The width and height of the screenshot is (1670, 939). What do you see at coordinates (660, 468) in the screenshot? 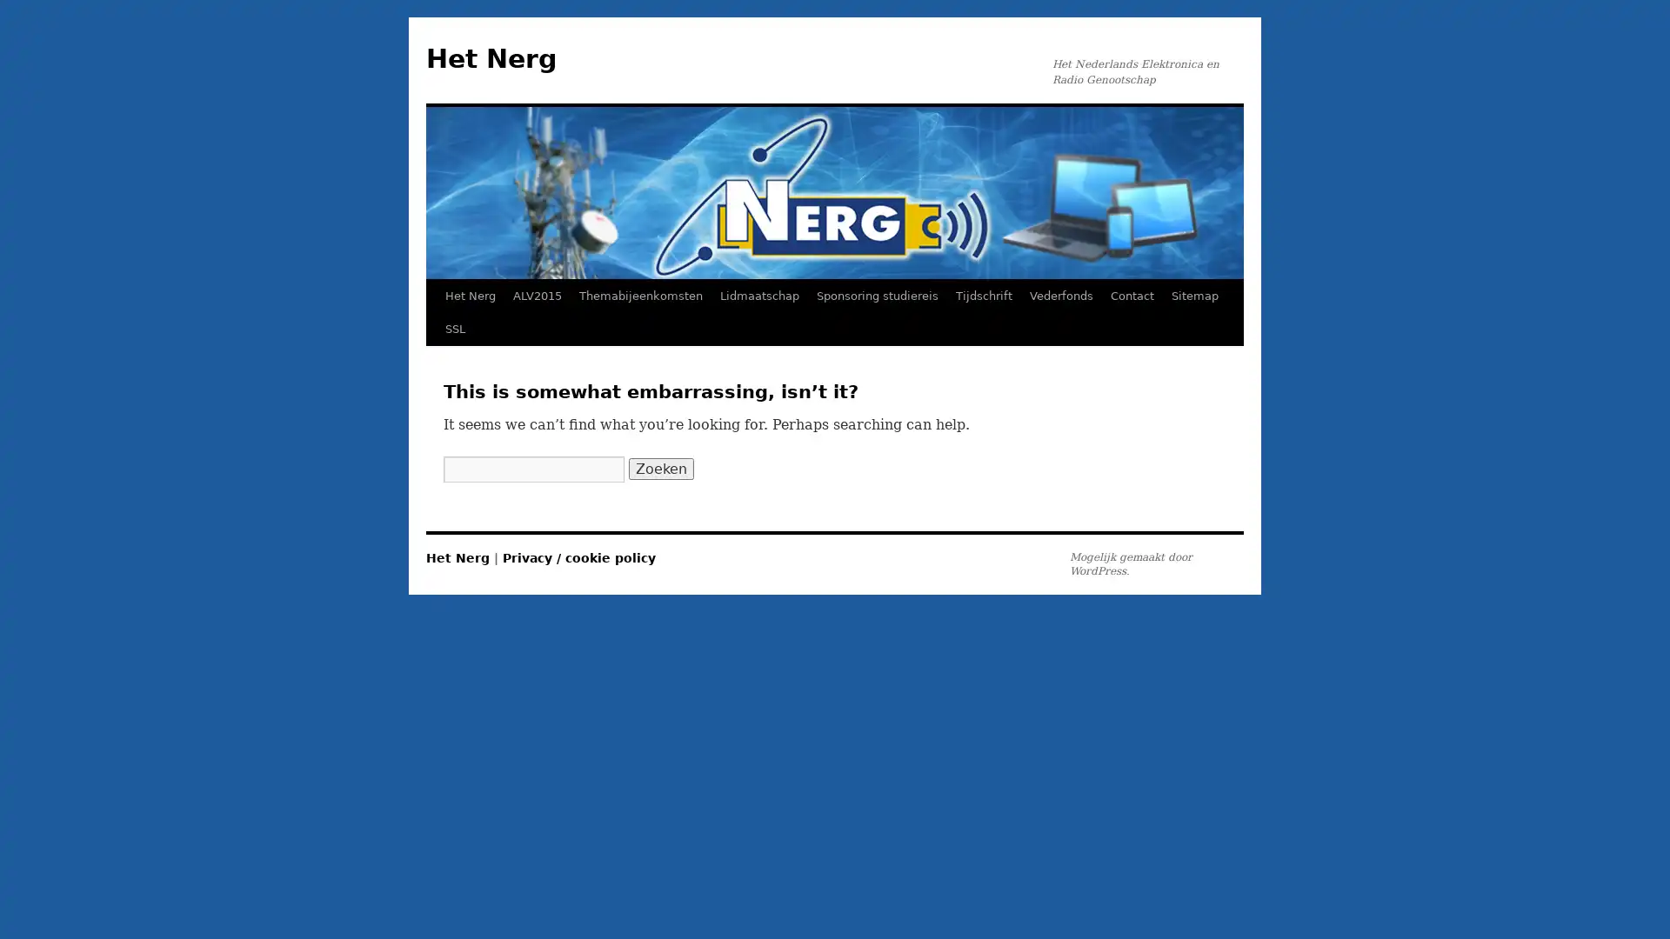
I see `Zoeken` at bounding box center [660, 468].